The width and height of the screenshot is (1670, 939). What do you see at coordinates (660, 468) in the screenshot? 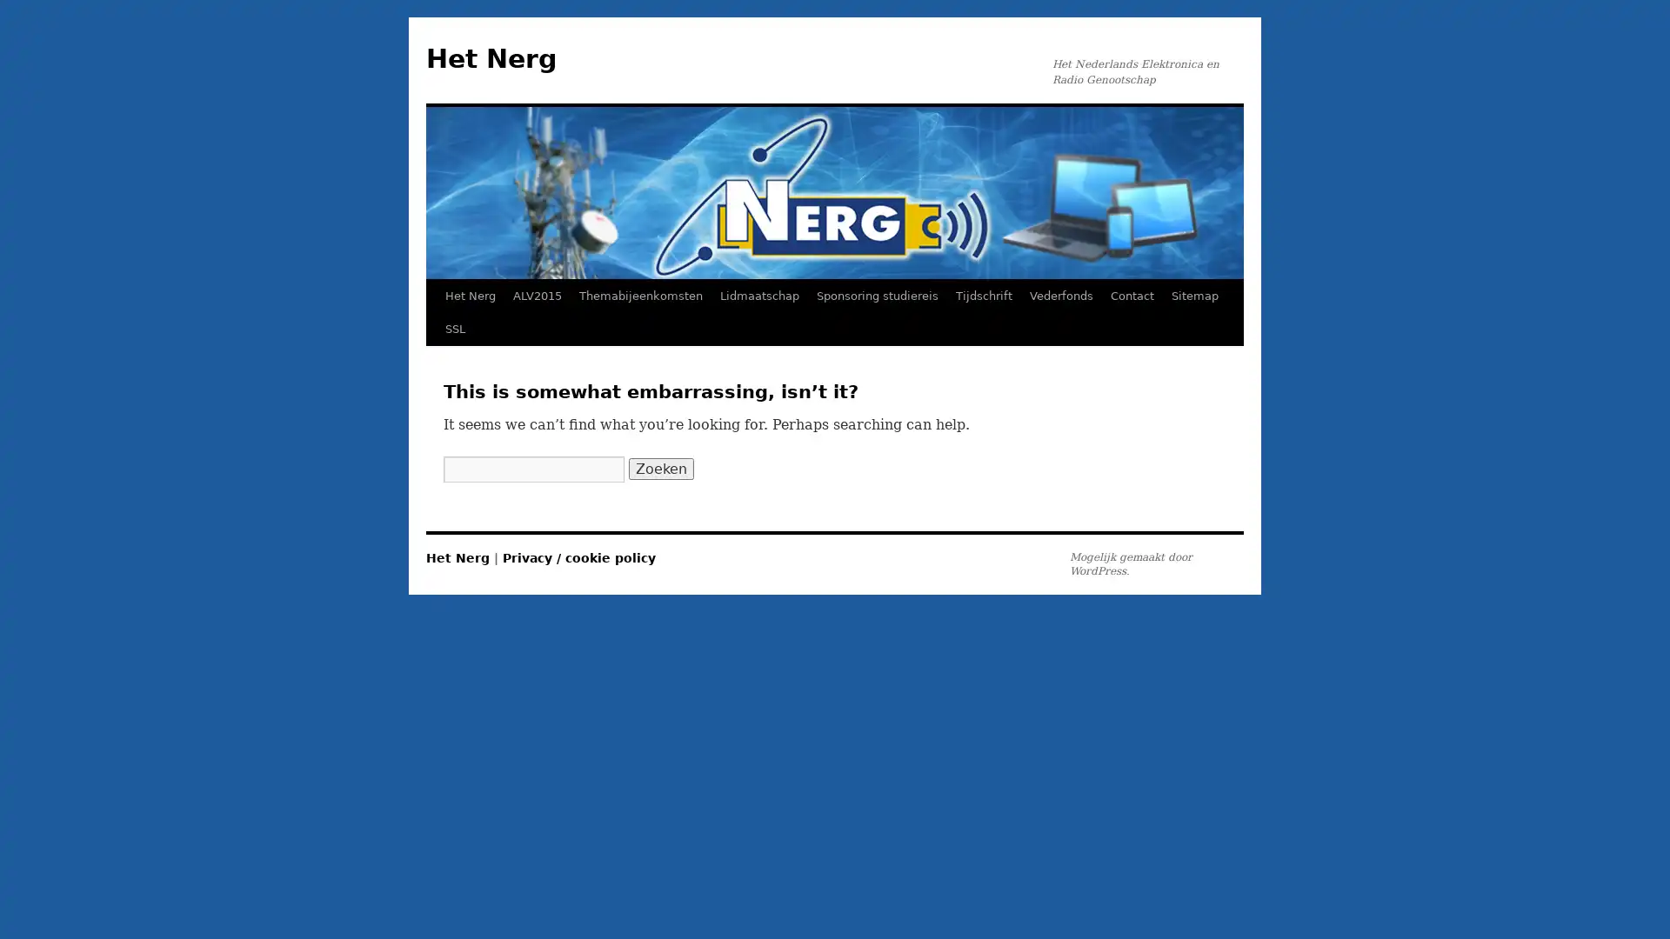
I see `Zoeken` at bounding box center [660, 468].